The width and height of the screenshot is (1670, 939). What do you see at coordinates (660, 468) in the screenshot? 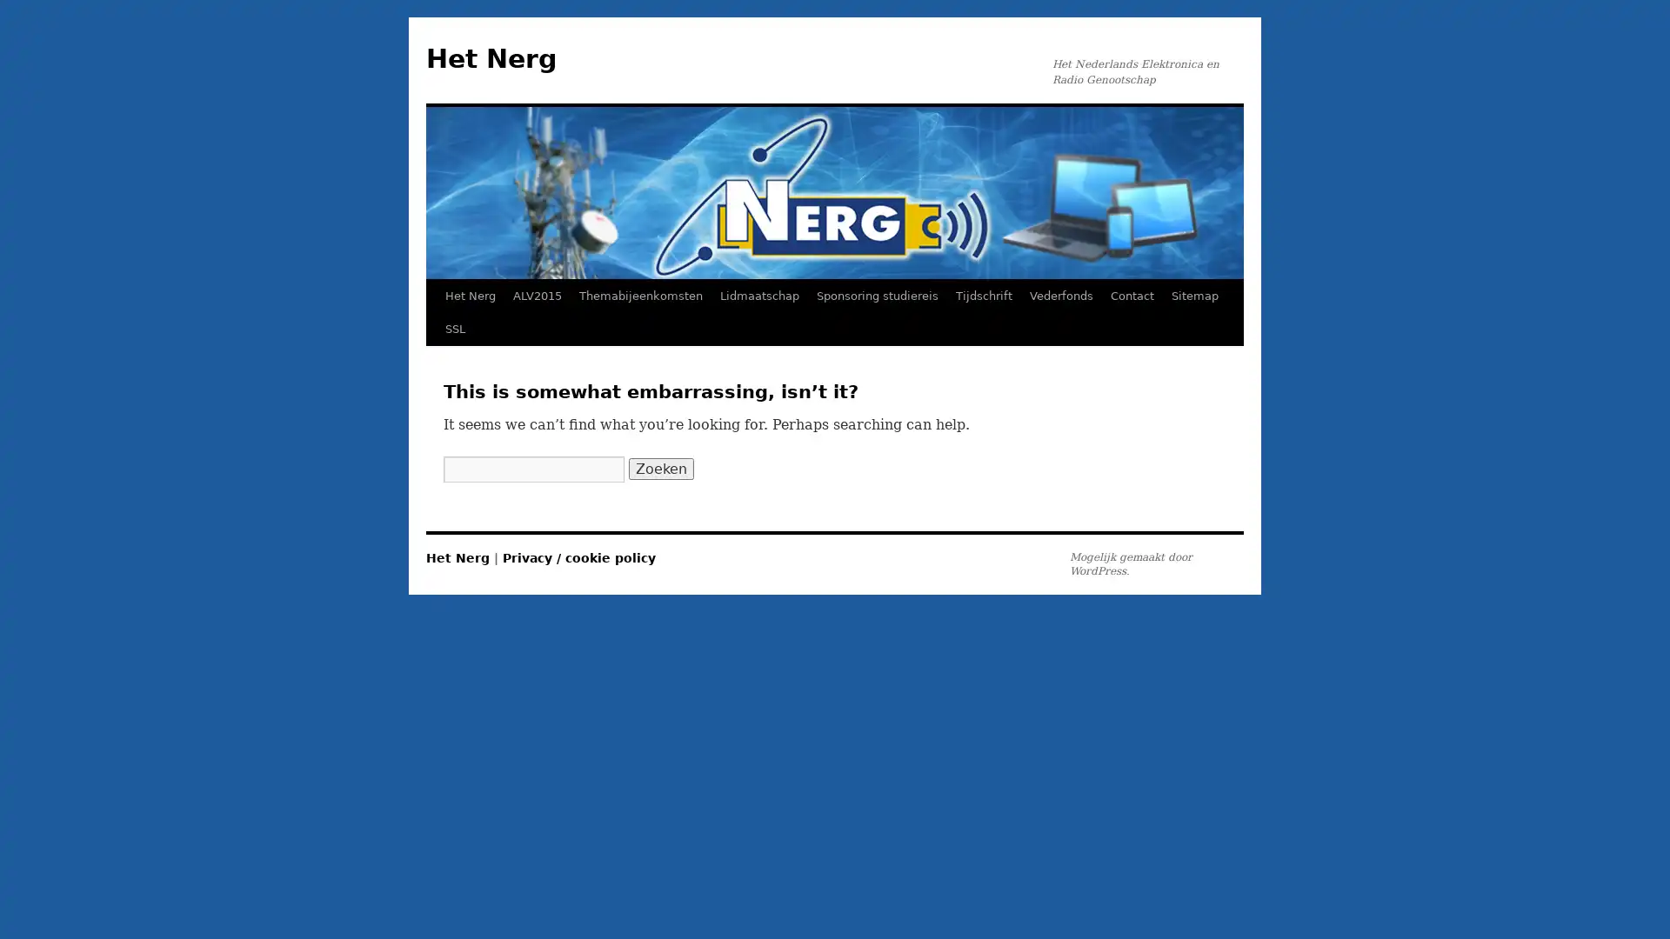
I see `Zoeken` at bounding box center [660, 468].